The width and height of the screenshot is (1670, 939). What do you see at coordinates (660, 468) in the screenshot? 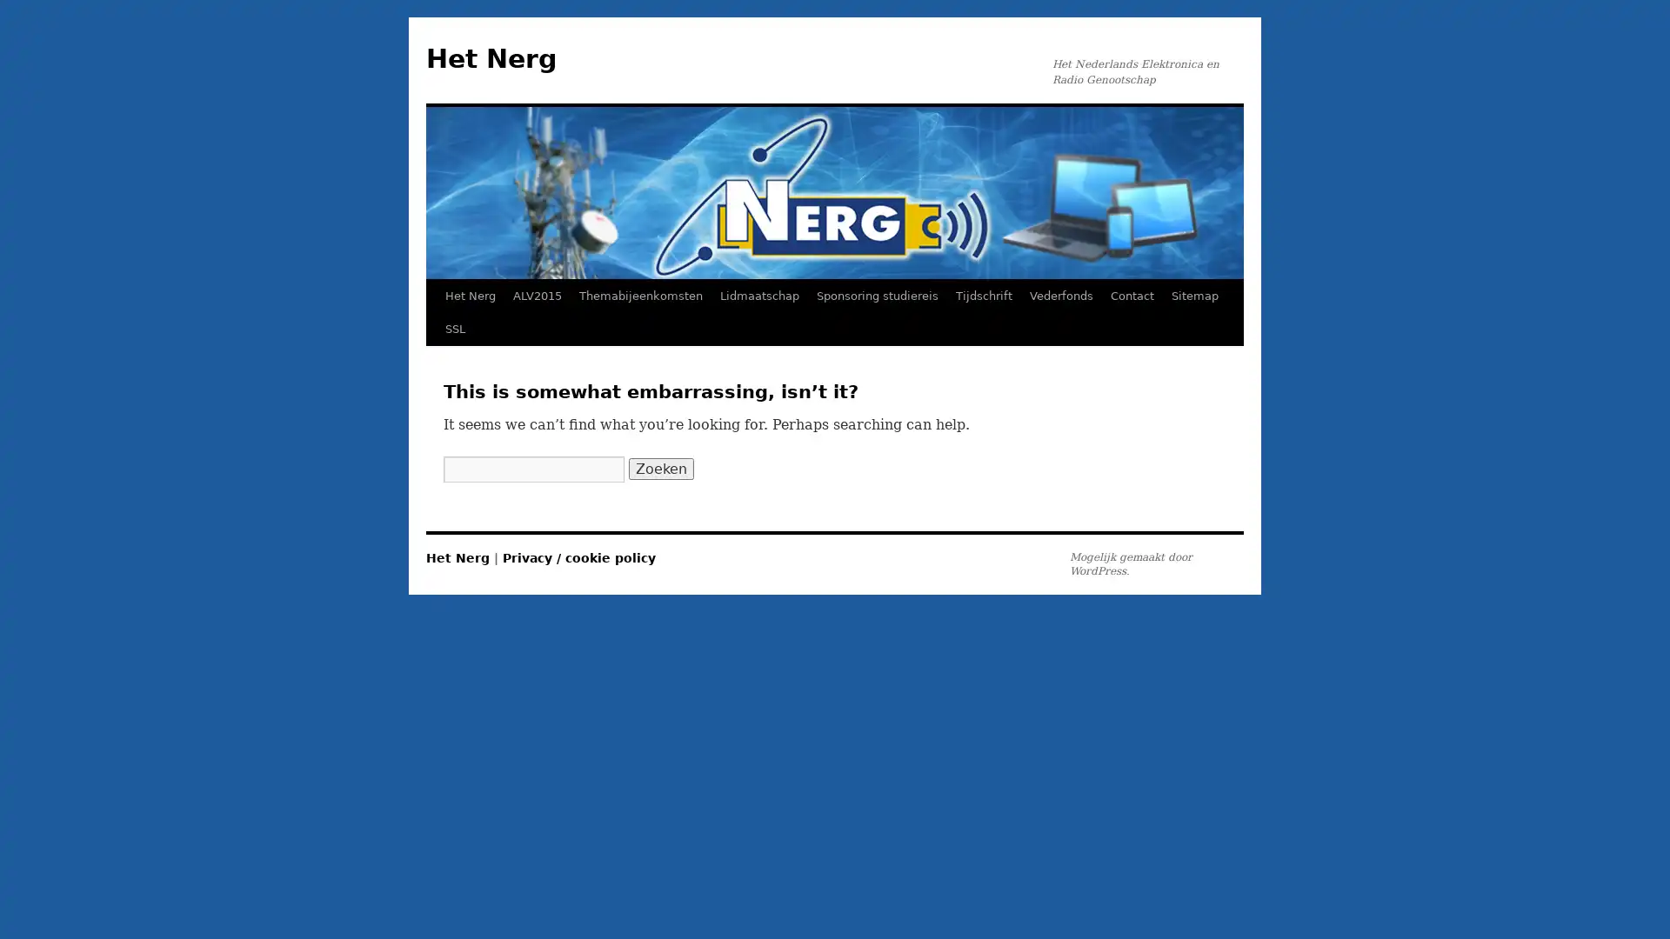
I see `Zoeken` at bounding box center [660, 468].